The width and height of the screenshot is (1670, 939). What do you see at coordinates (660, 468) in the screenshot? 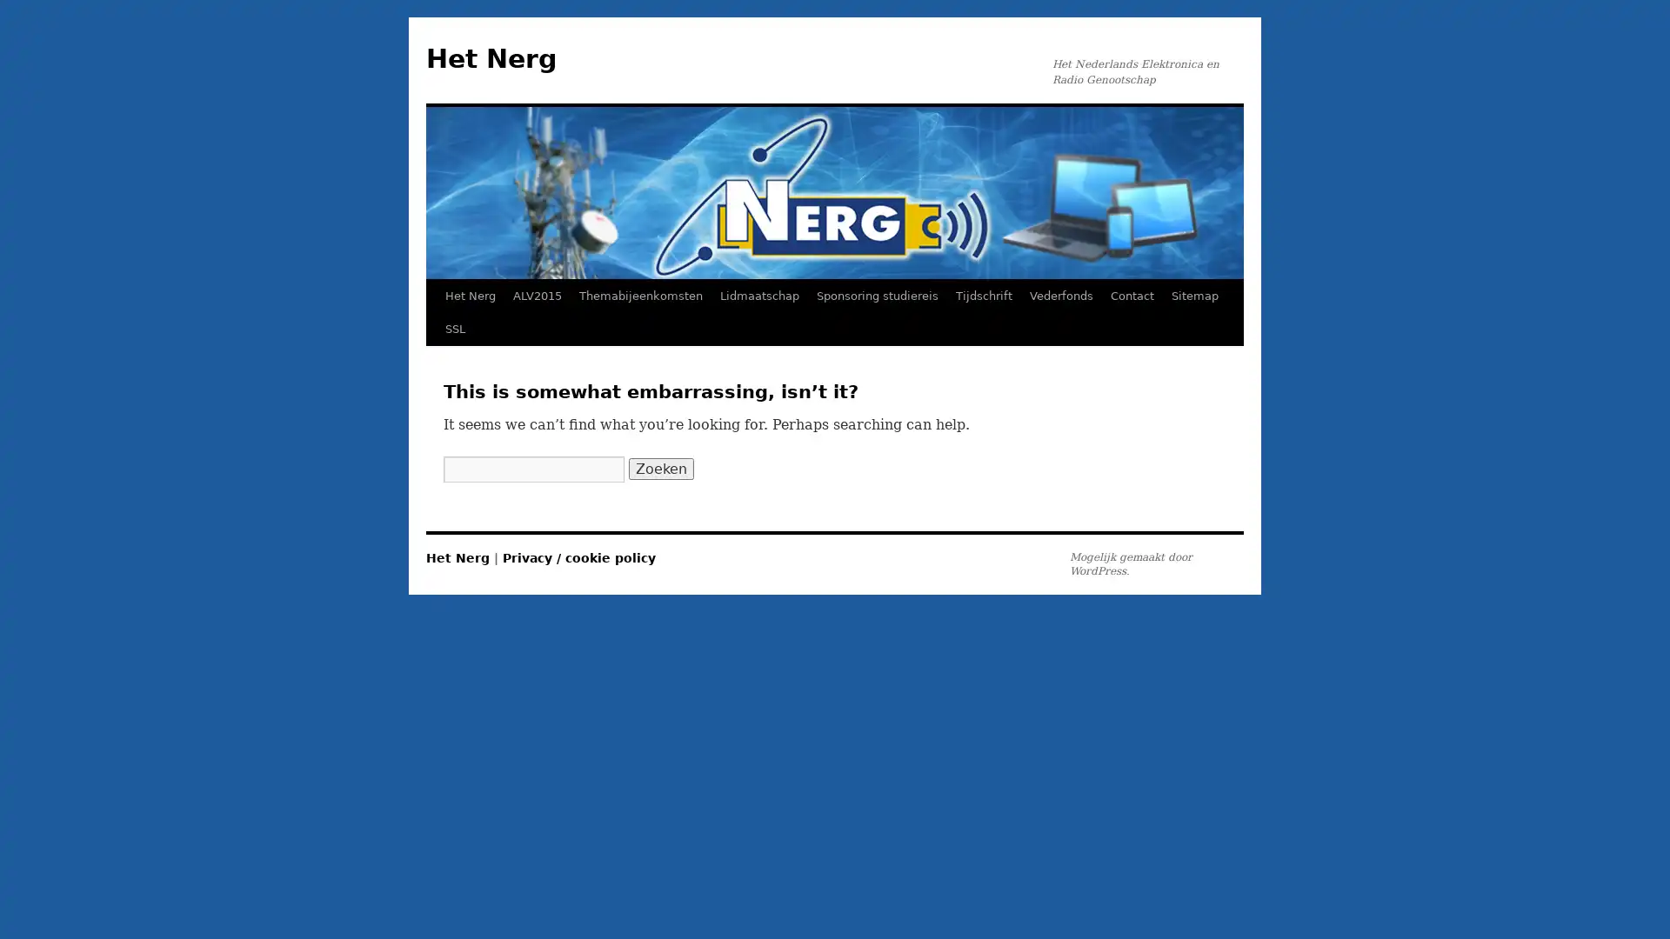
I see `Zoeken` at bounding box center [660, 468].